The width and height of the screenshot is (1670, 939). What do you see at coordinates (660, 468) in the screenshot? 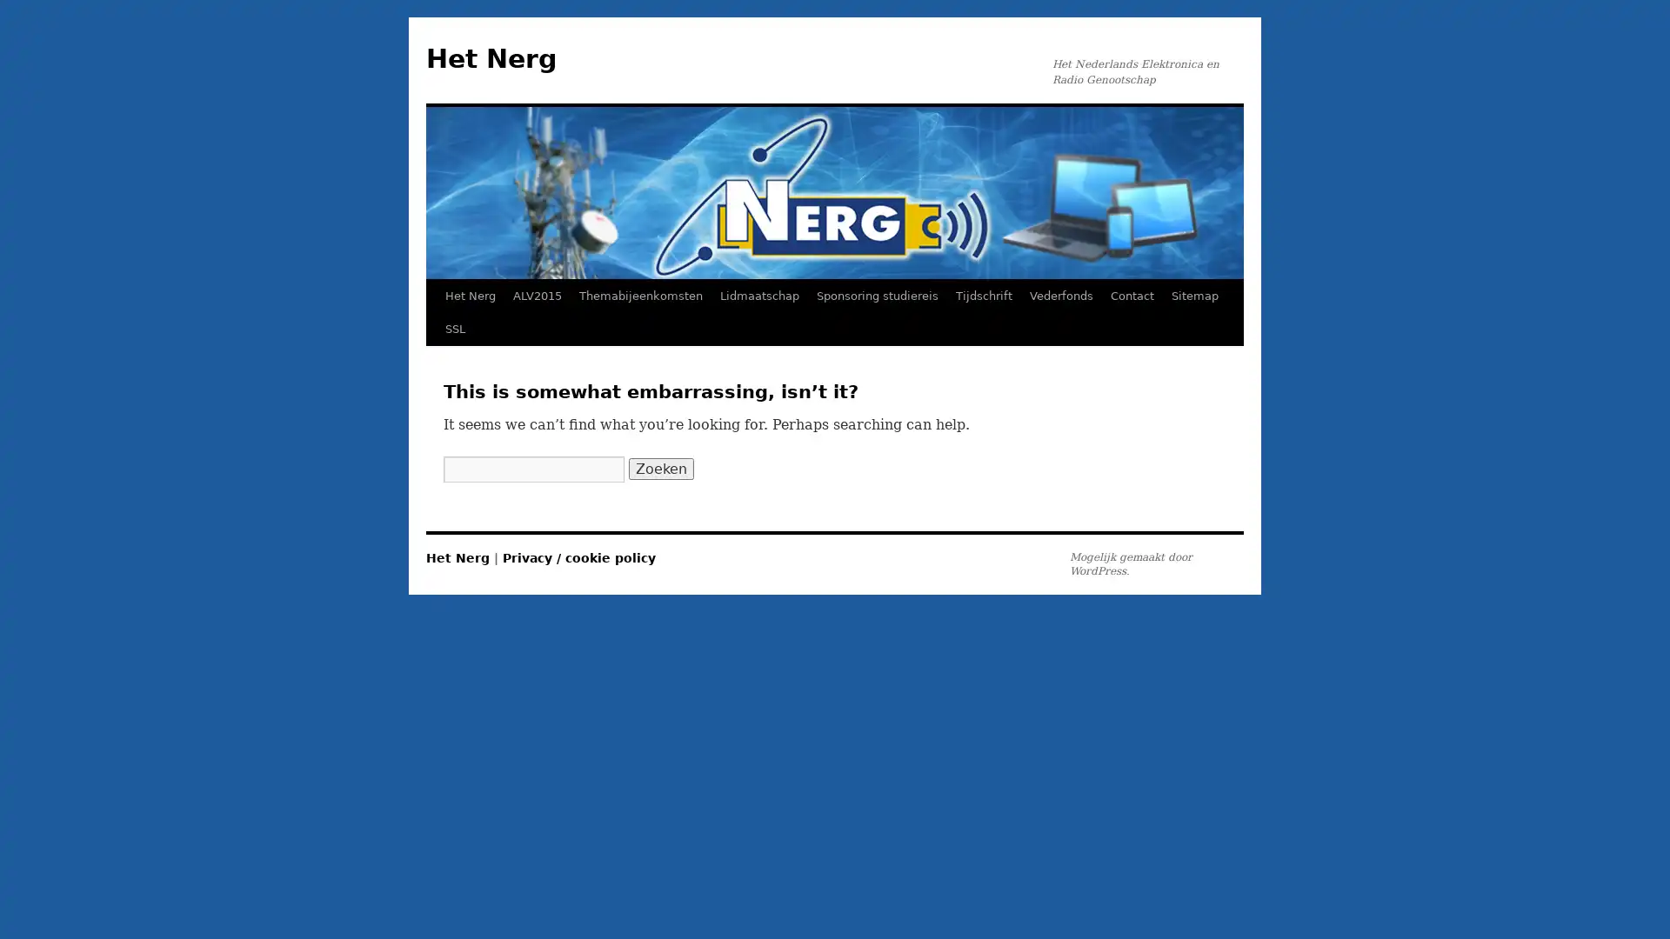
I see `Zoeken` at bounding box center [660, 468].